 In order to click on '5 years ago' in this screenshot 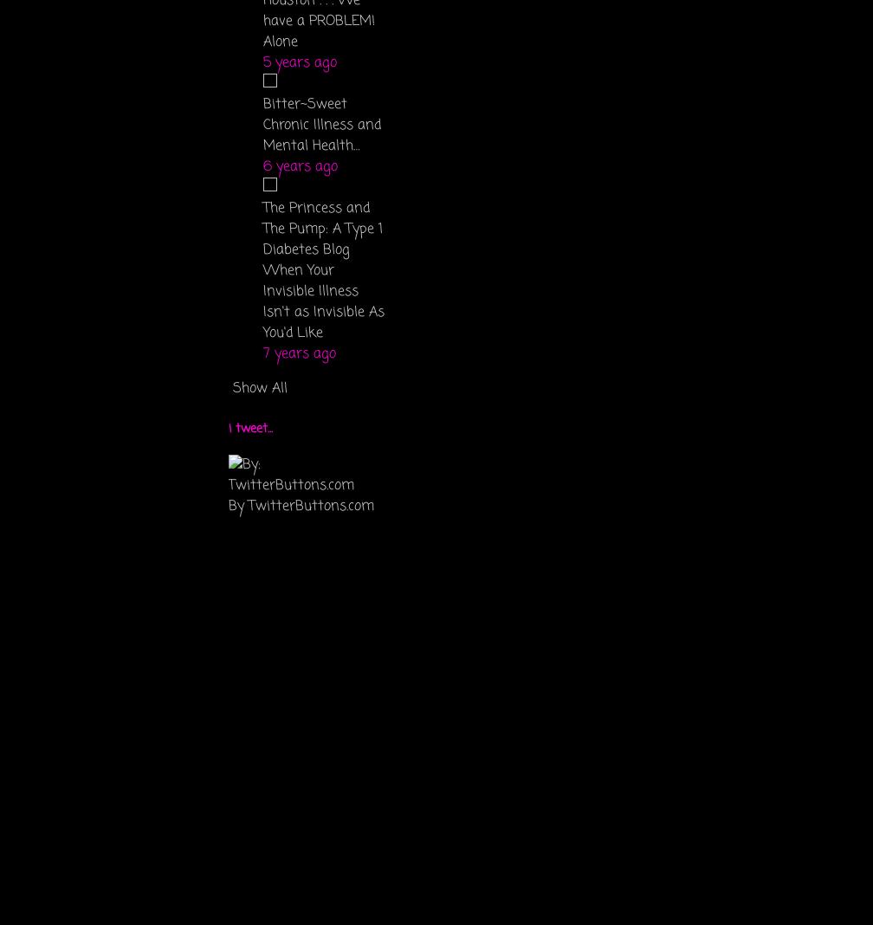, I will do `click(300, 62)`.